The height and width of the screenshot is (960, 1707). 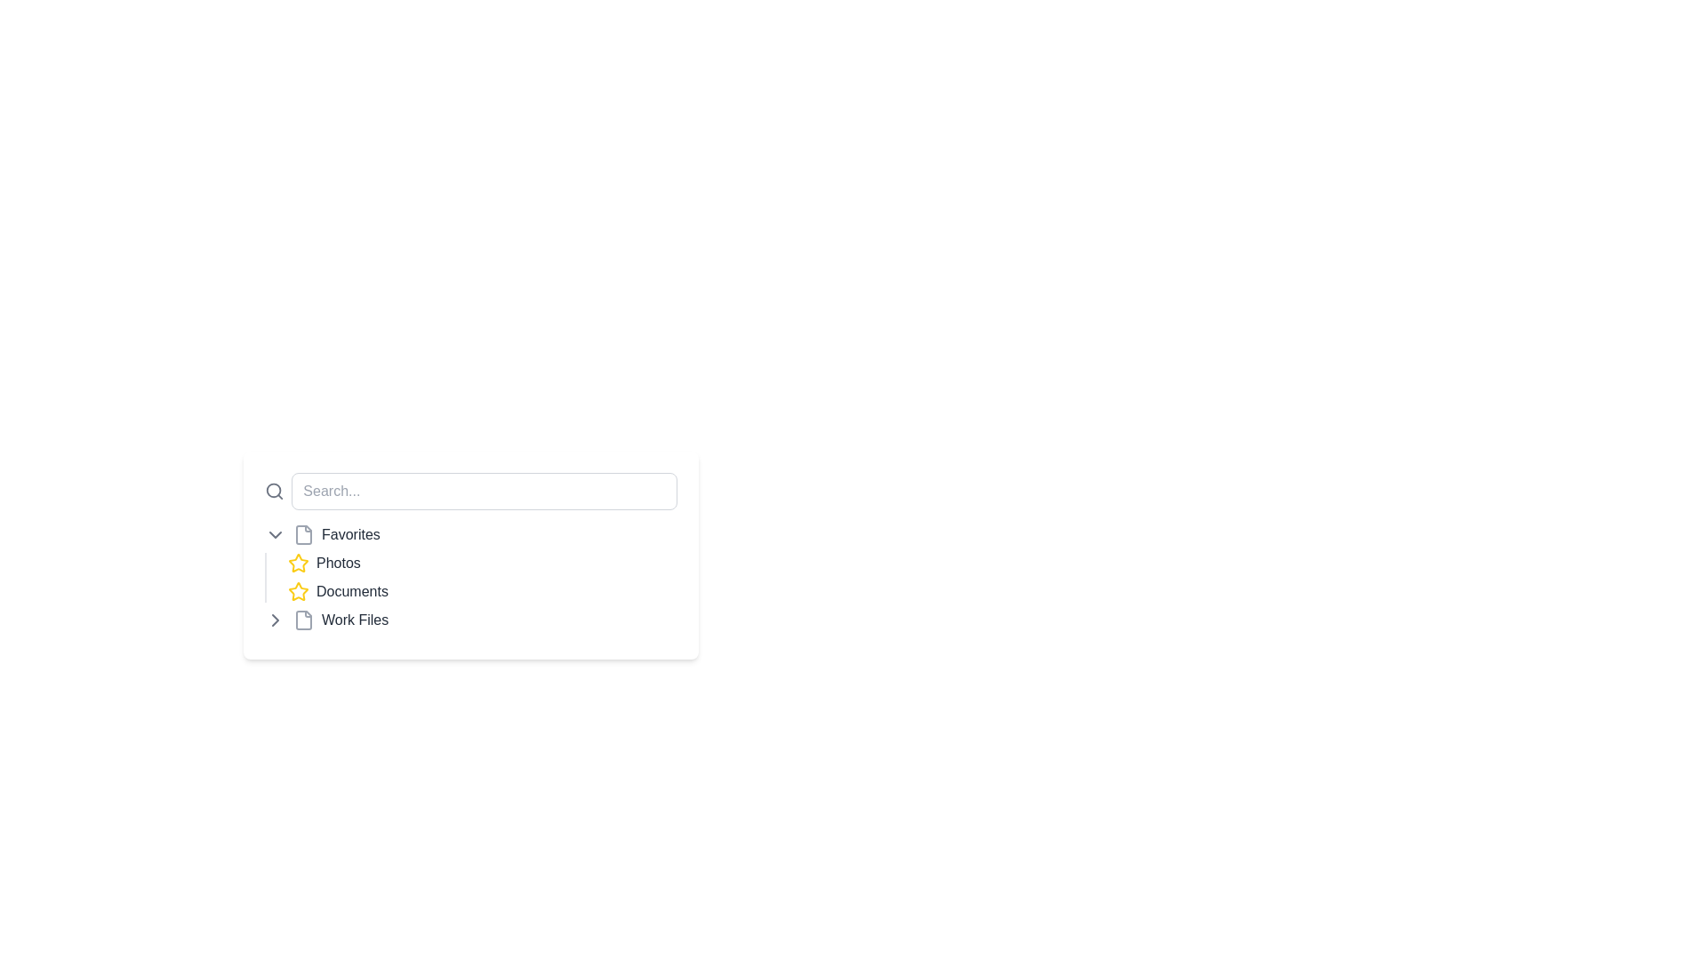 What do you see at coordinates (299, 592) in the screenshot?
I see `the star-shaped icon located next to the 'Documents' label for keyboard interaction` at bounding box center [299, 592].